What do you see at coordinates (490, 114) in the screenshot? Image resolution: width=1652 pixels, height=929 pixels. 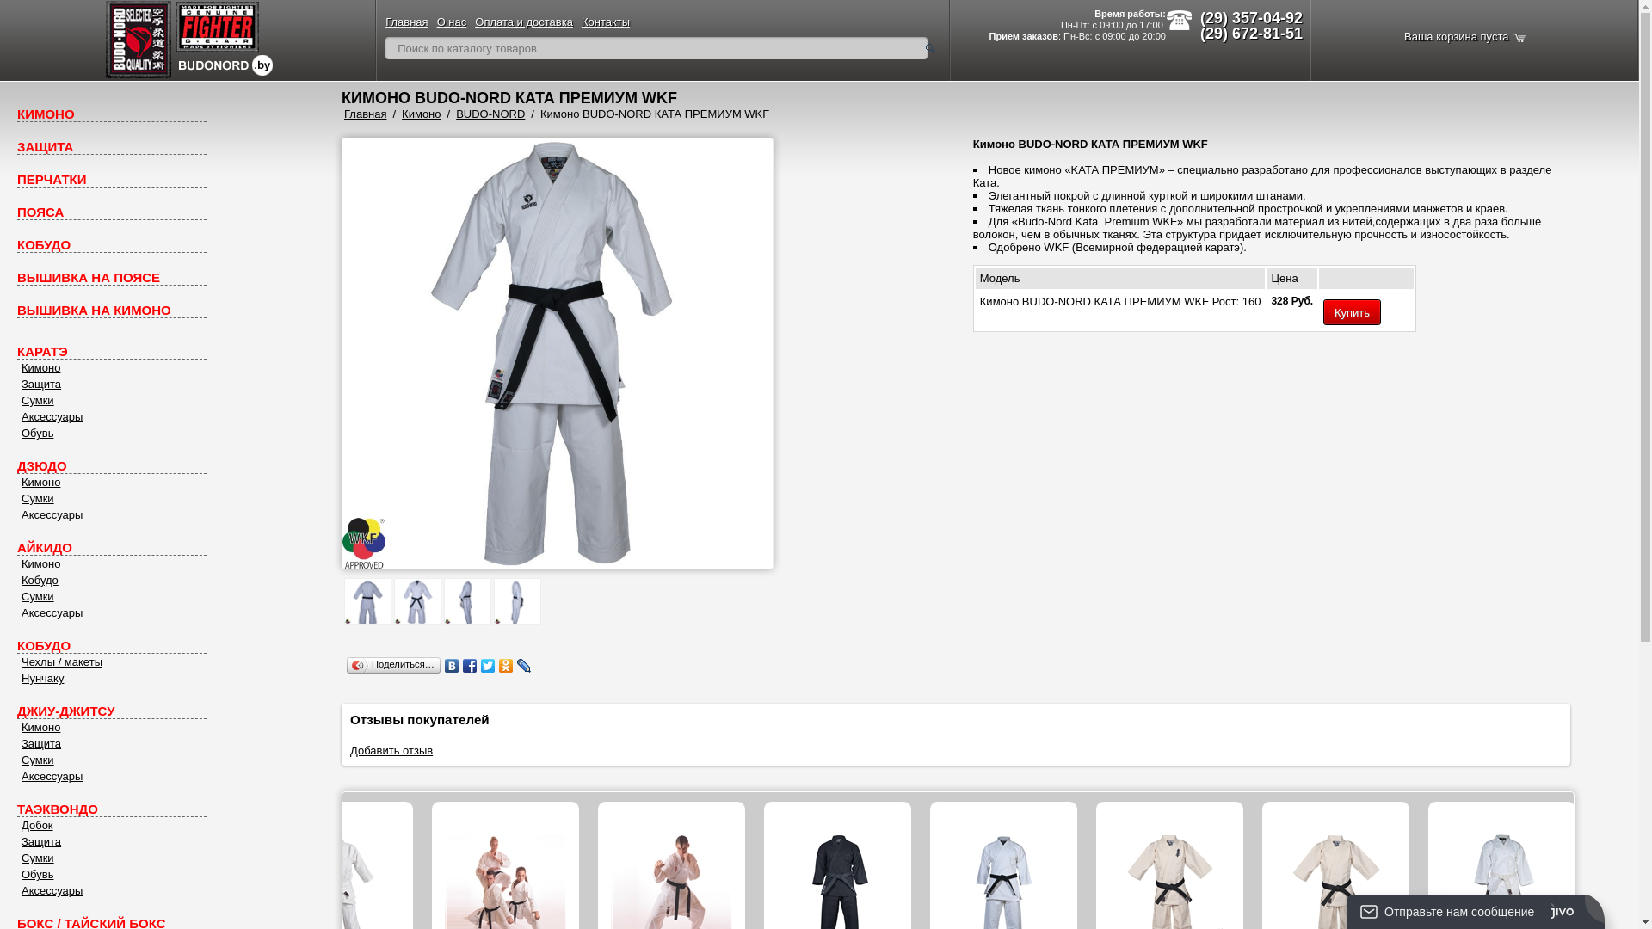 I see `'BUDO-NORD'` at bounding box center [490, 114].